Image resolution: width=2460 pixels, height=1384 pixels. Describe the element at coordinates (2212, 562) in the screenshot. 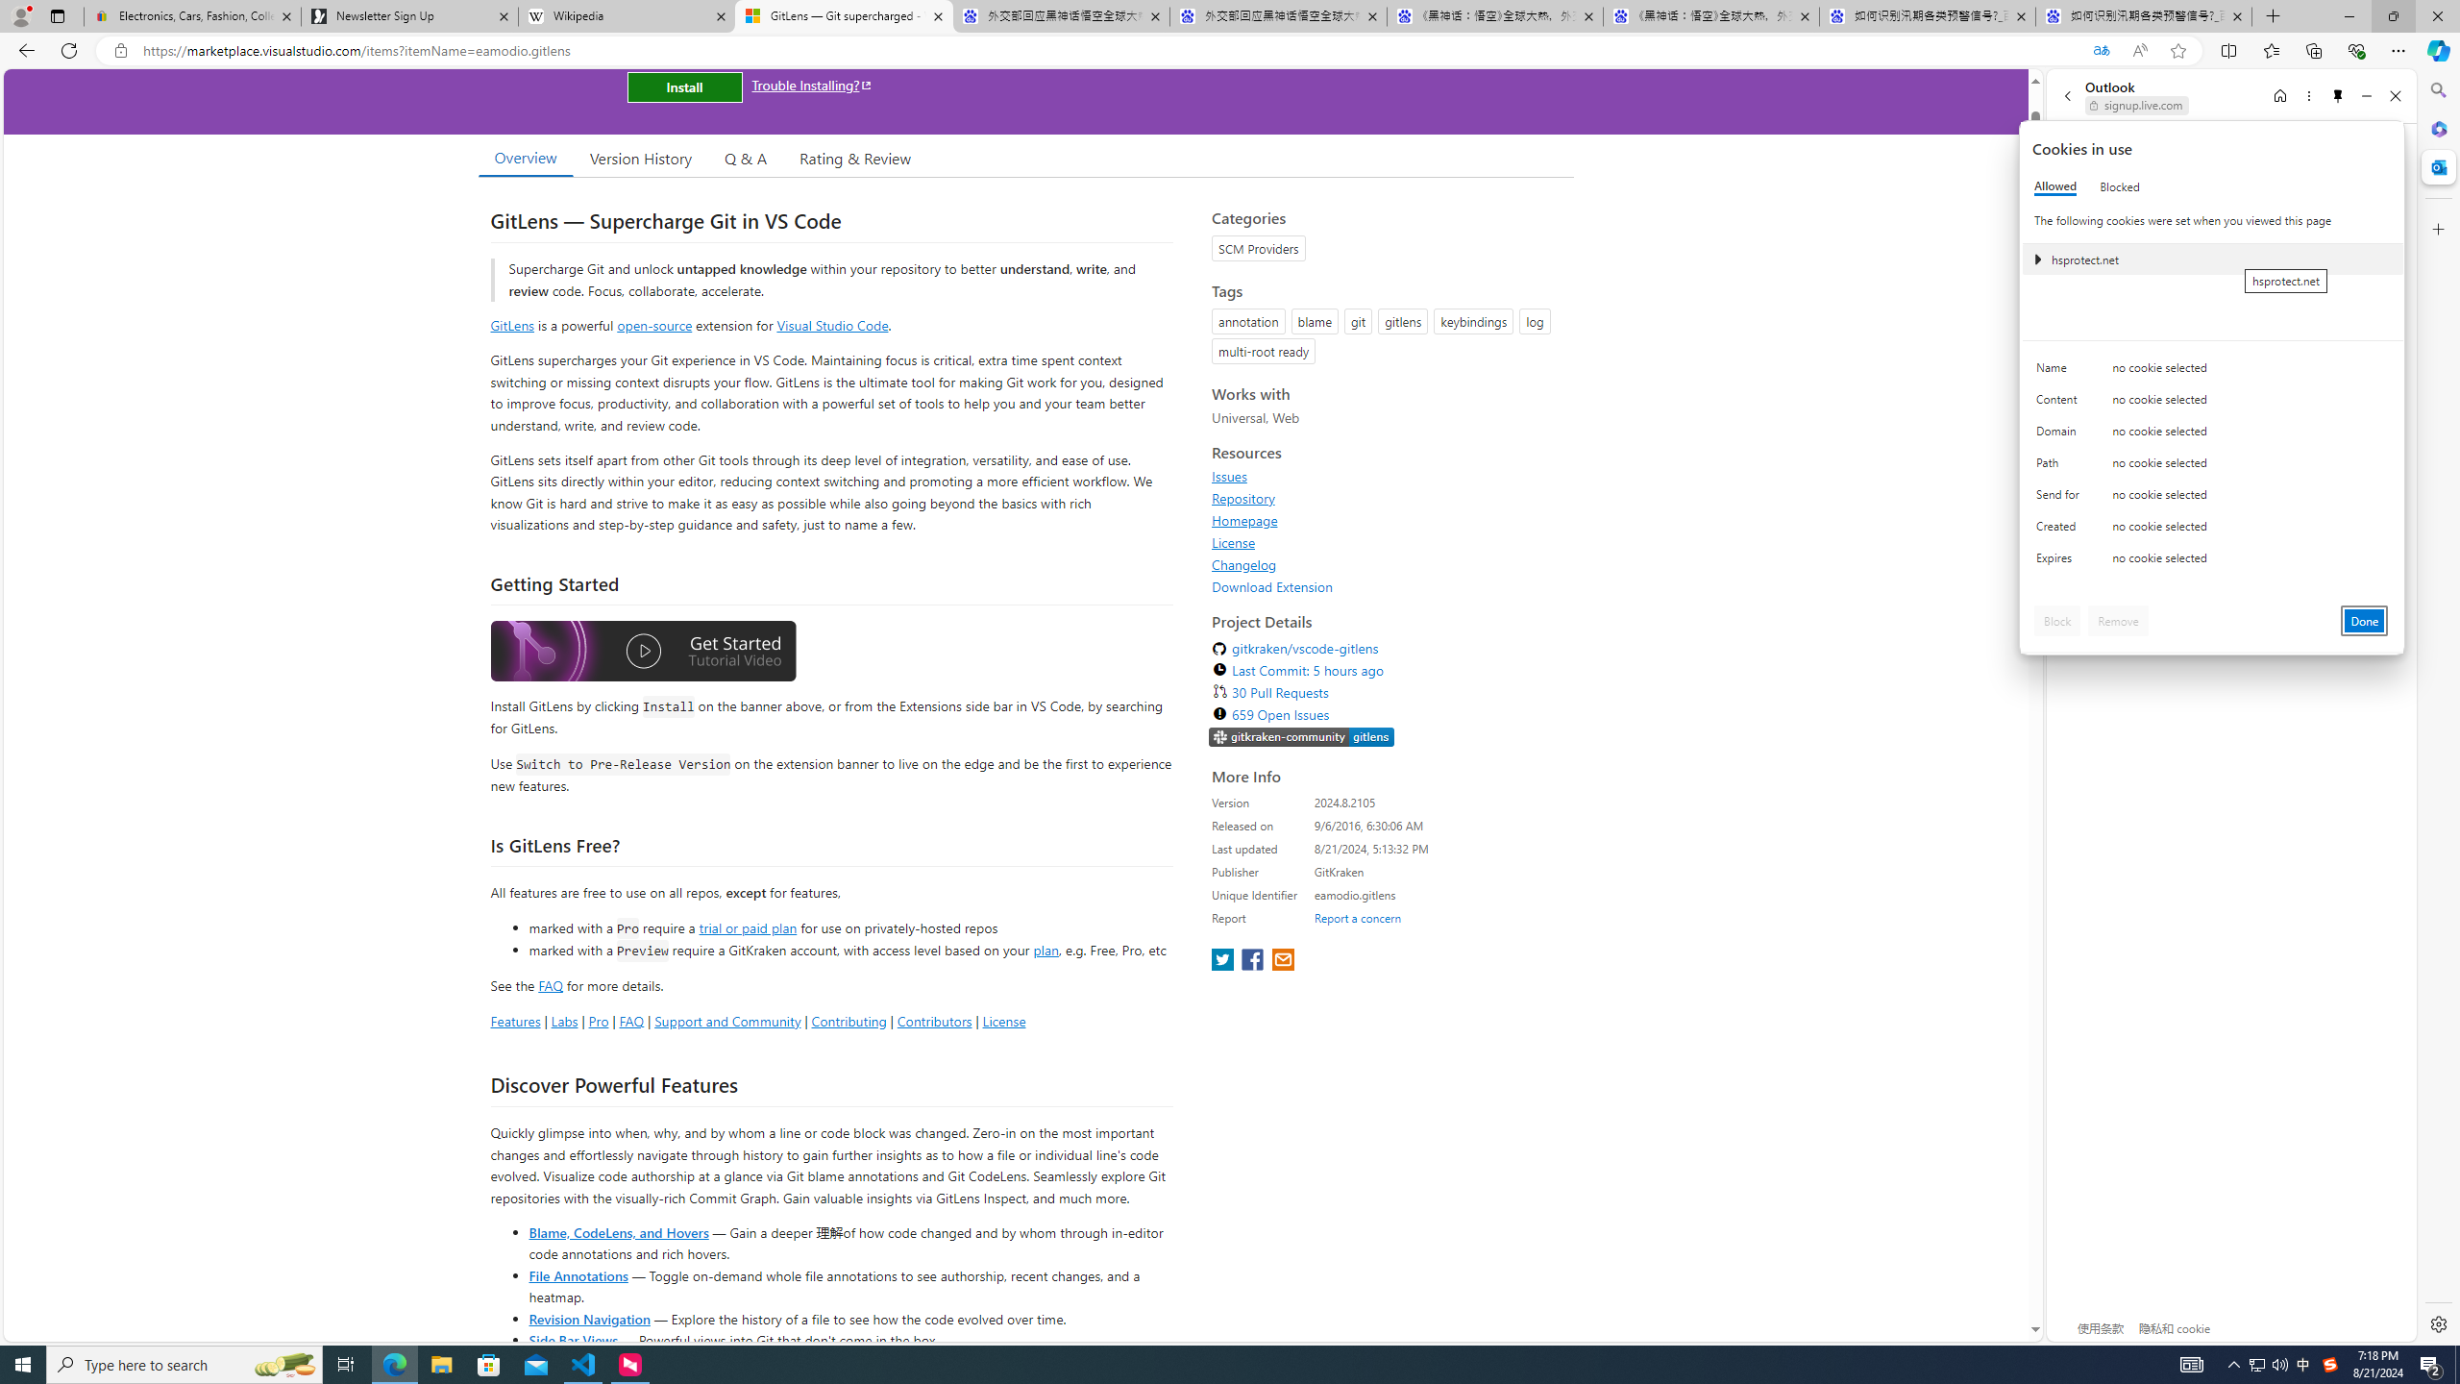

I see `'Class: c0153 c0157'` at that location.